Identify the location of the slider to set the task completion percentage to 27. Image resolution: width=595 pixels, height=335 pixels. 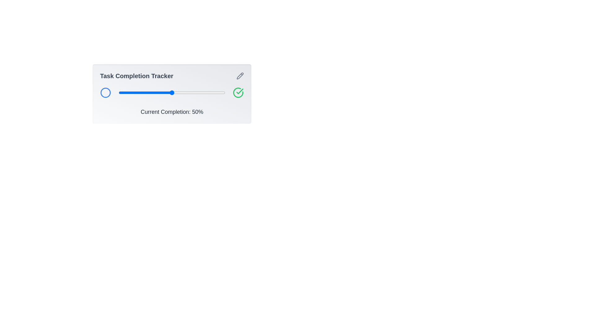
(147, 93).